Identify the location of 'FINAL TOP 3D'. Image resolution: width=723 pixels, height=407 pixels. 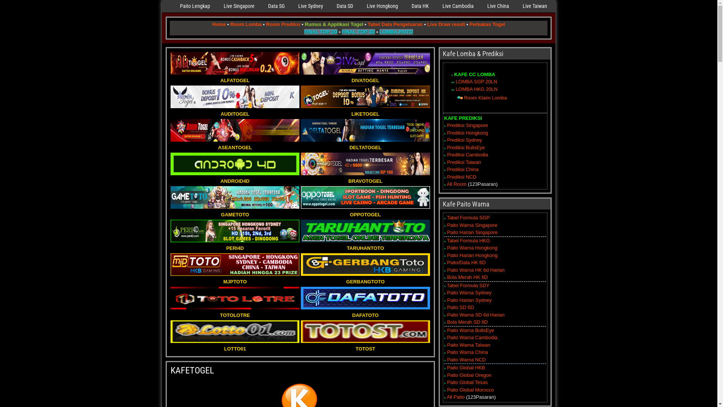
(358, 31).